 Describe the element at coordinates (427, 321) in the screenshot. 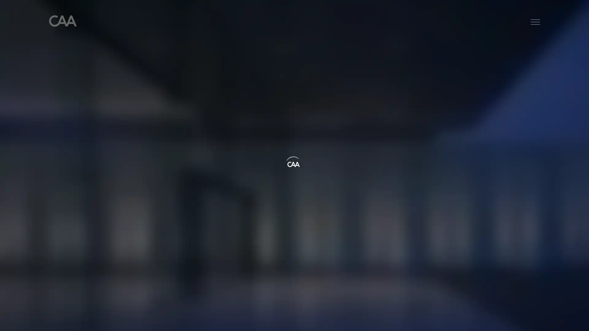

I see `Cookies Settings` at that location.